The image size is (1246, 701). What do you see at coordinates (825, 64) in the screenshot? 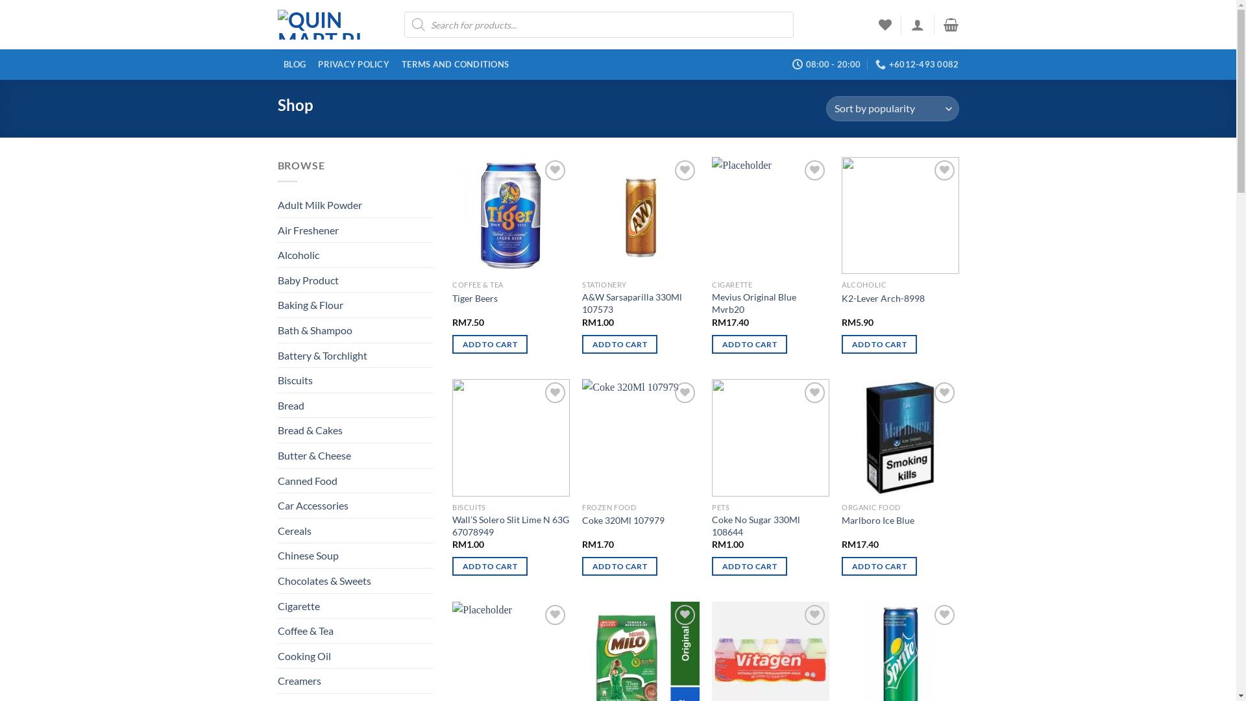
I see `'08:00 - 20:00'` at bounding box center [825, 64].